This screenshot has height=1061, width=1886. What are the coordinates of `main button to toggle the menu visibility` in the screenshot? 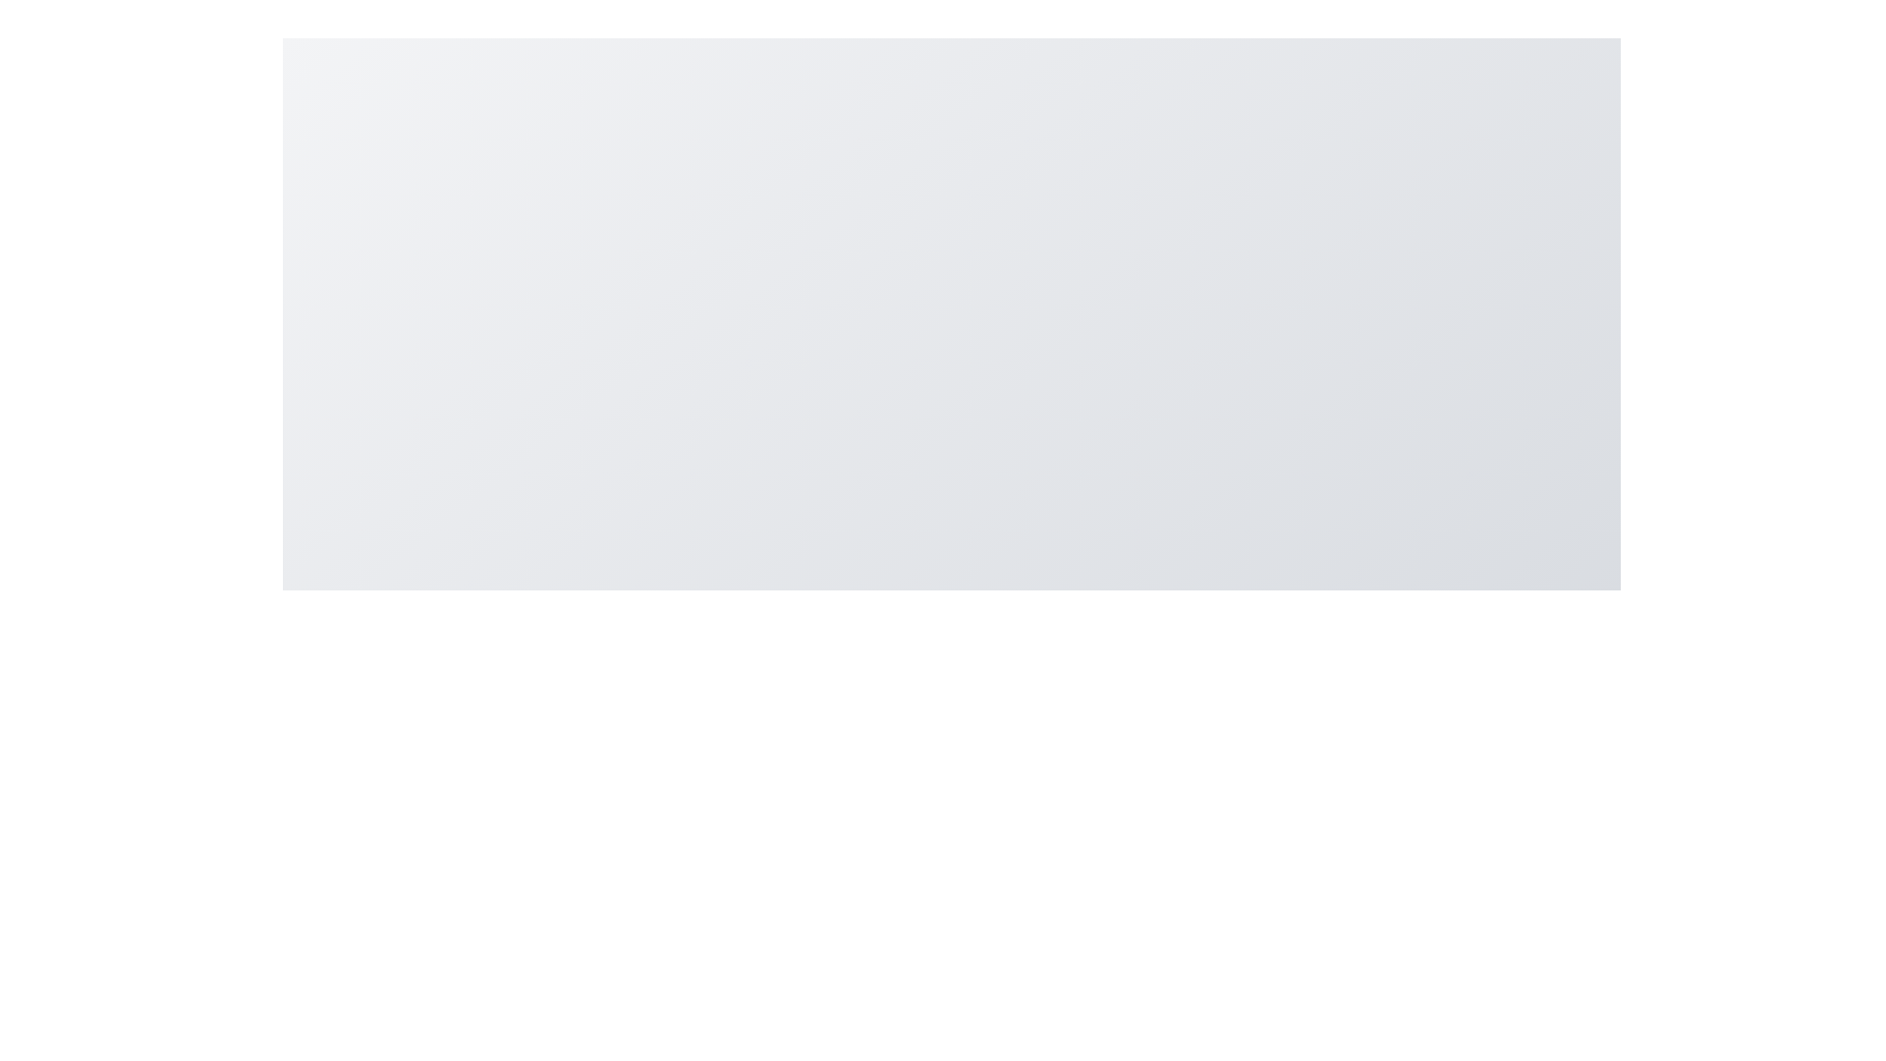 It's located at (952, 1039).